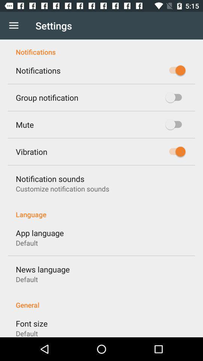 Image resolution: width=203 pixels, height=361 pixels. I want to click on item above mute icon, so click(47, 97).